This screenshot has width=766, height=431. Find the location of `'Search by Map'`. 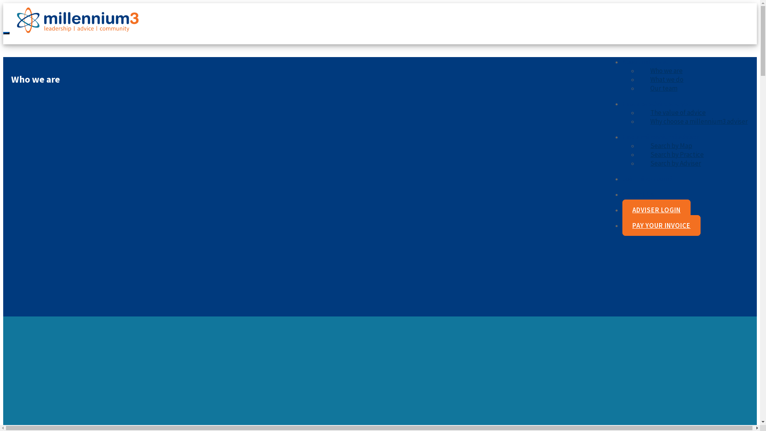

'Search by Map' is located at coordinates (671, 146).